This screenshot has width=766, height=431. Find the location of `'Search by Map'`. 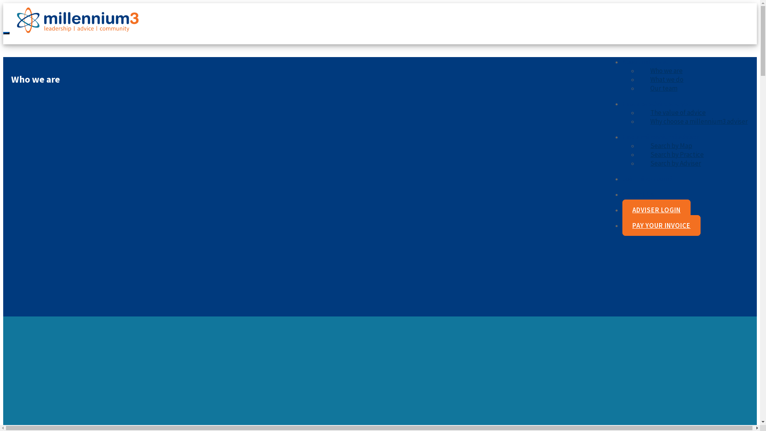

'Search by Map' is located at coordinates (671, 146).